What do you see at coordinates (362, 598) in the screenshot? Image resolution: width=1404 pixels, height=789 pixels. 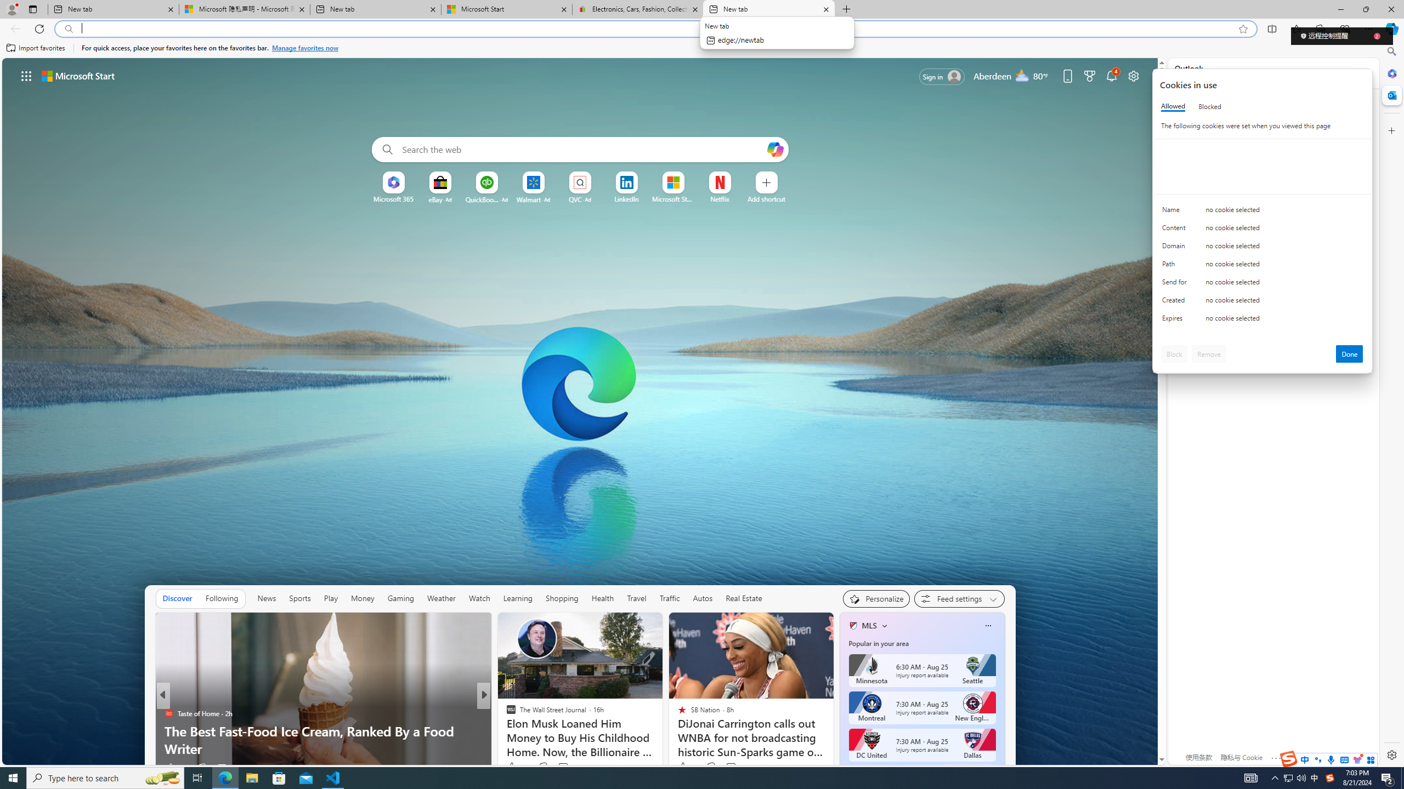 I see `'Money'` at bounding box center [362, 598].